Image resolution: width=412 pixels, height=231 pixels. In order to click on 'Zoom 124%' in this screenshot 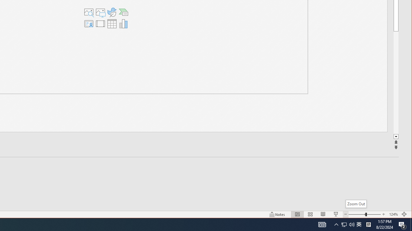, I will do `click(393, 214)`.